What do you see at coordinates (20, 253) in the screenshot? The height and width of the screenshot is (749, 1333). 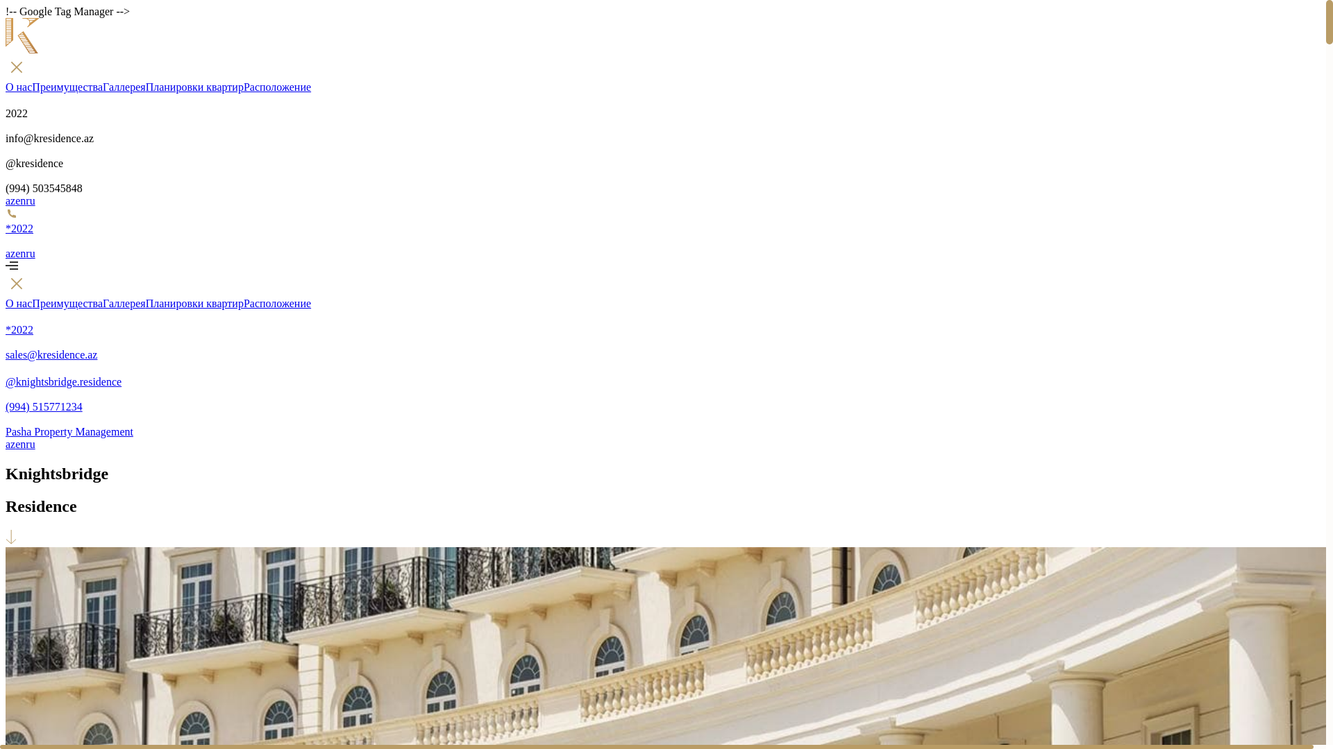 I see `'en'` at bounding box center [20, 253].